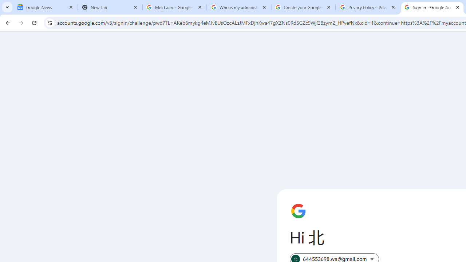 This screenshot has height=262, width=466. What do you see at coordinates (303, 7) in the screenshot?
I see `'Create your Google Account'` at bounding box center [303, 7].